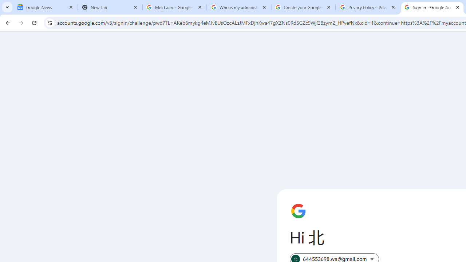 This screenshot has height=262, width=466. What do you see at coordinates (303, 7) in the screenshot?
I see `'Create your Google Account'` at bounding box center [303, 7].